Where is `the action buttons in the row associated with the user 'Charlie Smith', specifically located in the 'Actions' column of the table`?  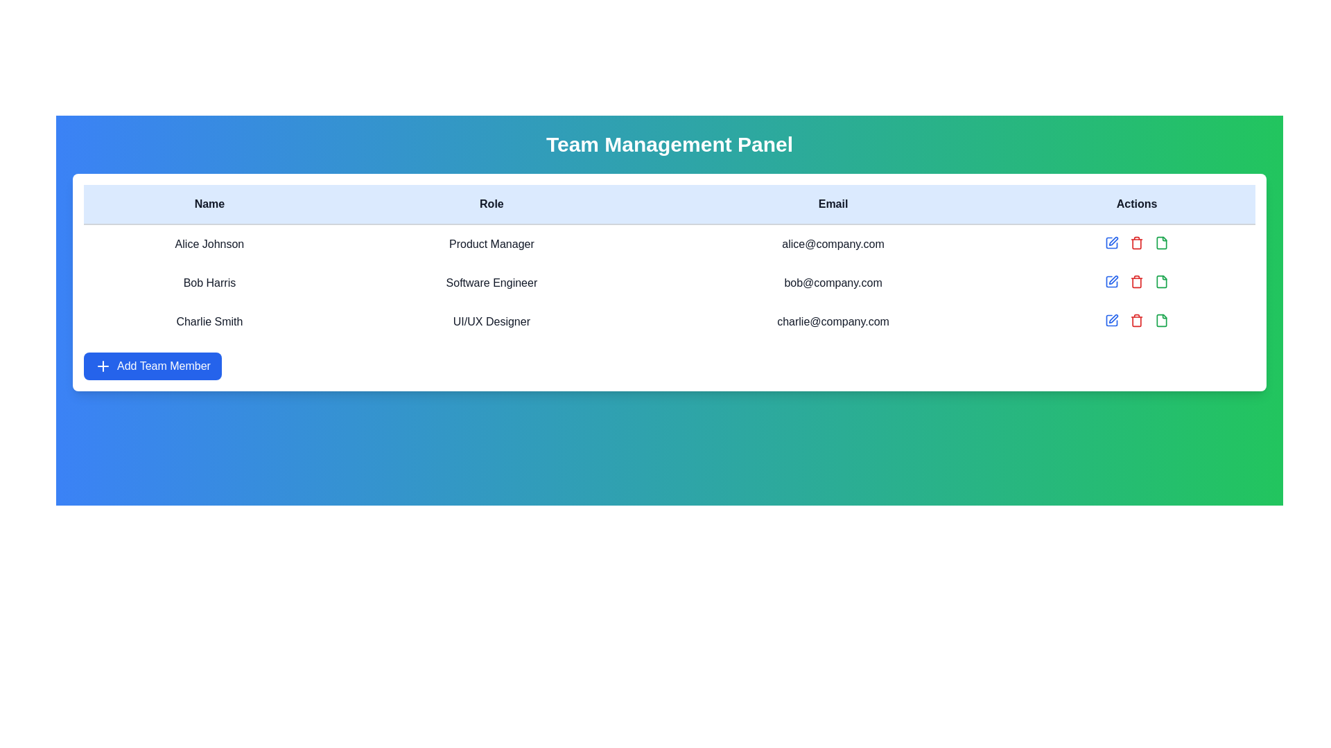
the action buttons in the row associated with the user 'Charlie Smith', specifically located in the 'Actions' column of the table is located at coordinates (1137, 320).